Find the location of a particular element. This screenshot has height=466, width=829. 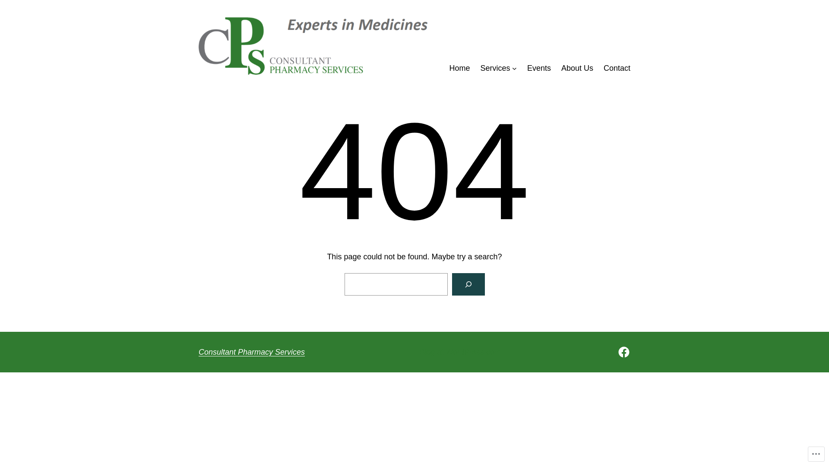

'Events' is located at coordinates (538, 68).